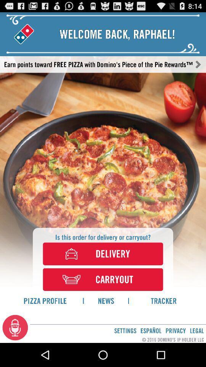  Describe the element at coordinates (197, 330) in the screenshot. I see `app next to privacy` at that location.